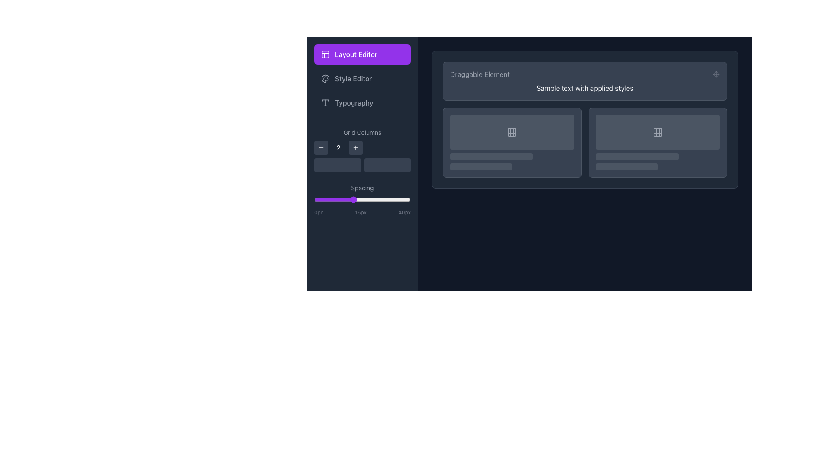 This screenshot has width=831, height=467. Describe the element at coordinates (405, 200) in the screenshot. I see `the spacing value` at that location.